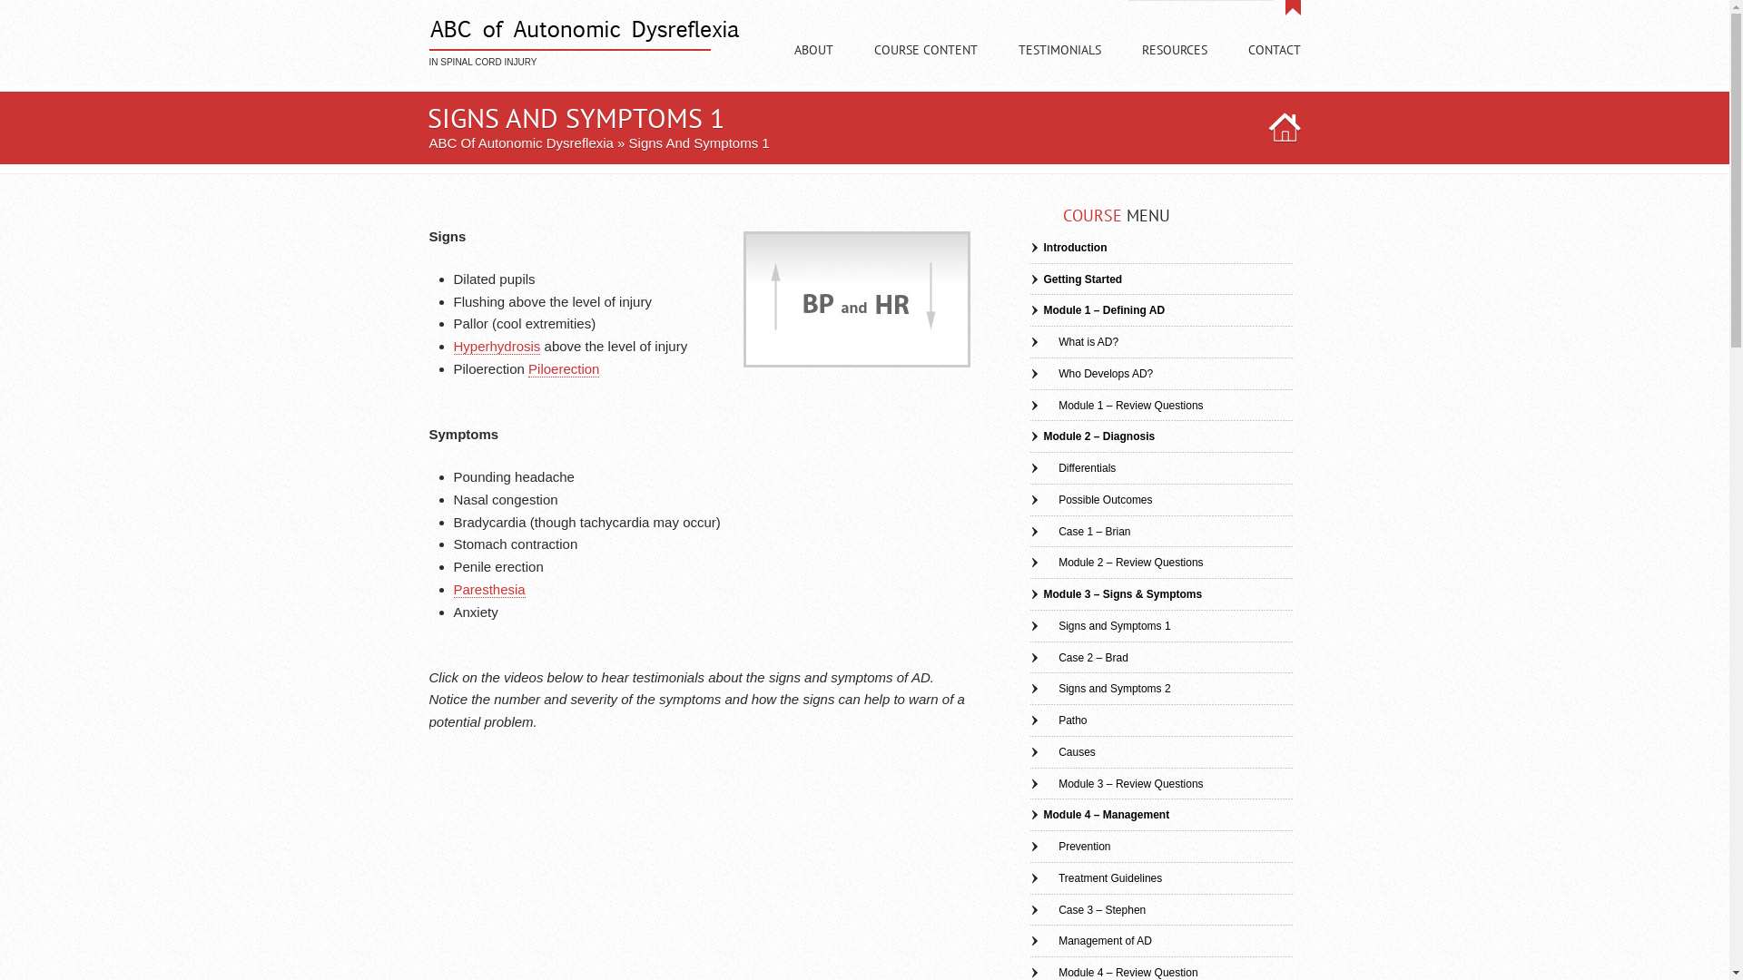  What do you see at coordinates (1068, 248) in the screenshot?
I see `'Introduction'` at bounding box center [1068, 248].